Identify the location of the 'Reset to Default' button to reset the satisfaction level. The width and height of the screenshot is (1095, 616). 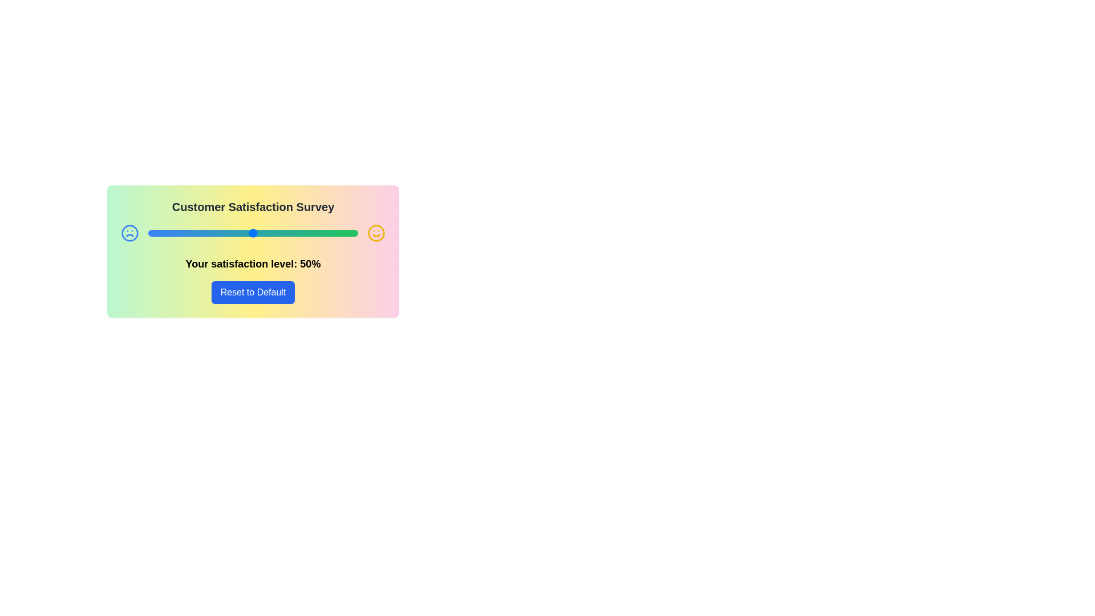
(252, 292).